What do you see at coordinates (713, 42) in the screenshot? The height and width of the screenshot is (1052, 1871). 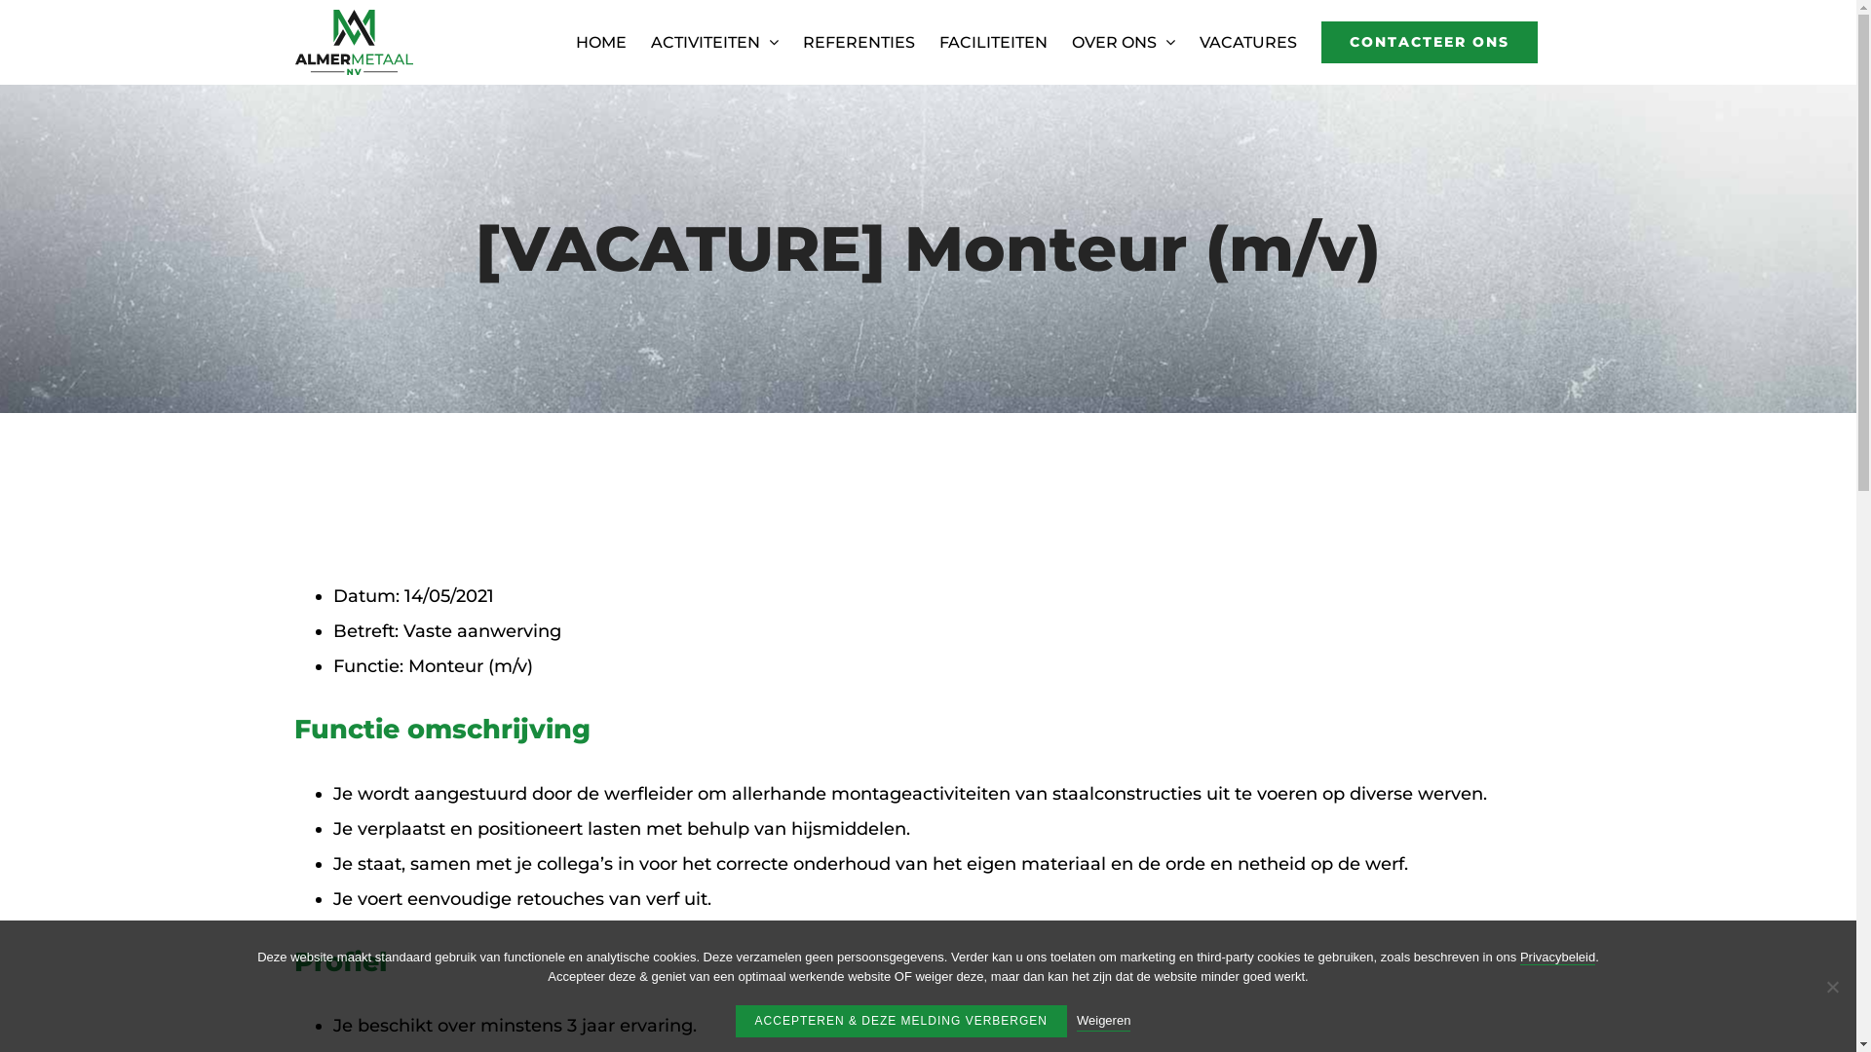 I see `'ACTIVITEITEN'` at bounding box center [713, 42].